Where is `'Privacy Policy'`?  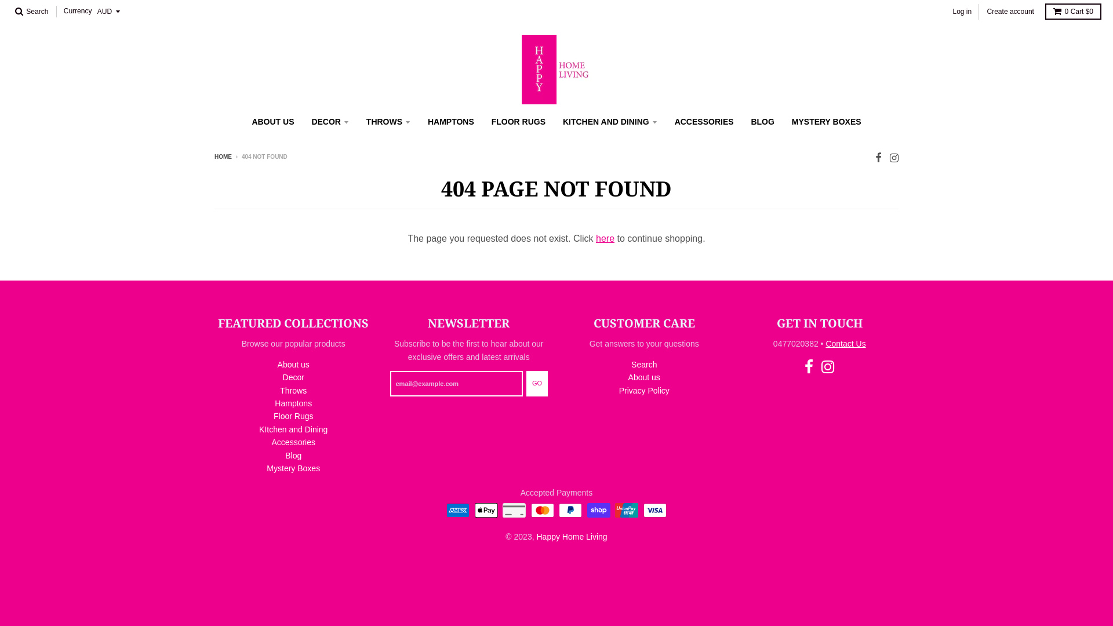 'Privacy Policy' is located at coordinates (619, 391).